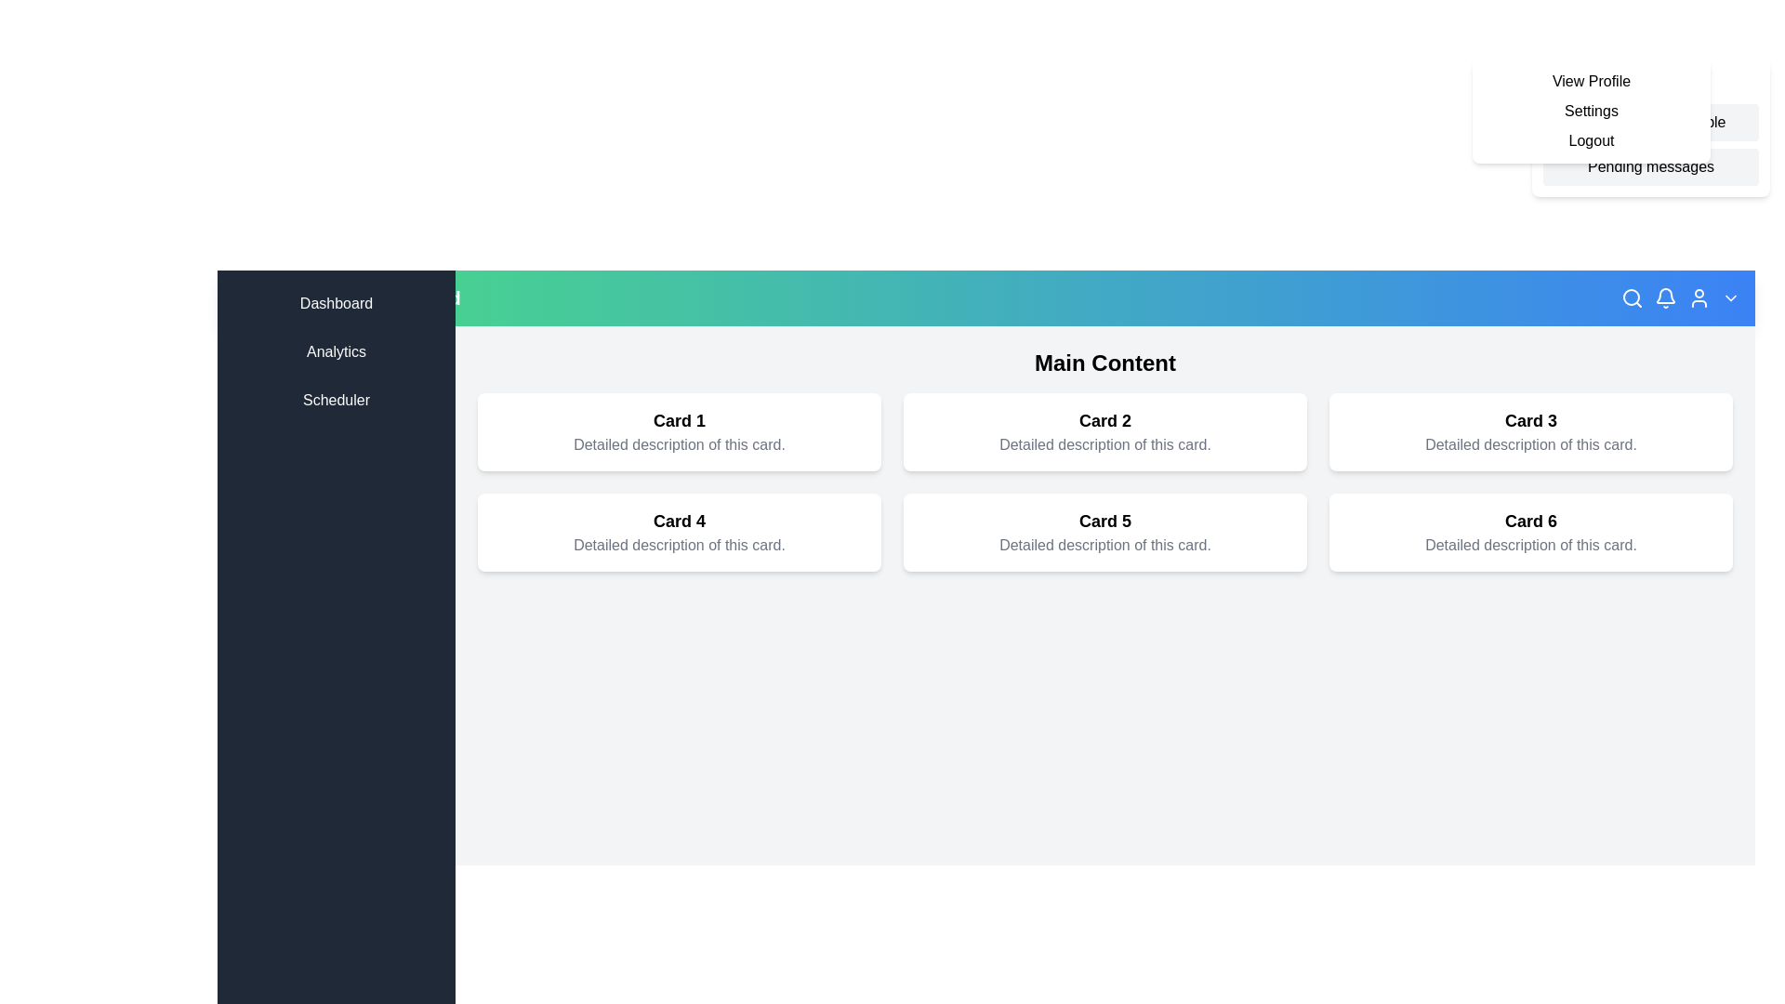 This screenshot has width=1785, height=1004. Describe the element at coordinates (1105, 544) in the screenshot. I see `the static descriptive text located within 'Card 5', positioned below the title text and separated by vertical spacing` at that location.